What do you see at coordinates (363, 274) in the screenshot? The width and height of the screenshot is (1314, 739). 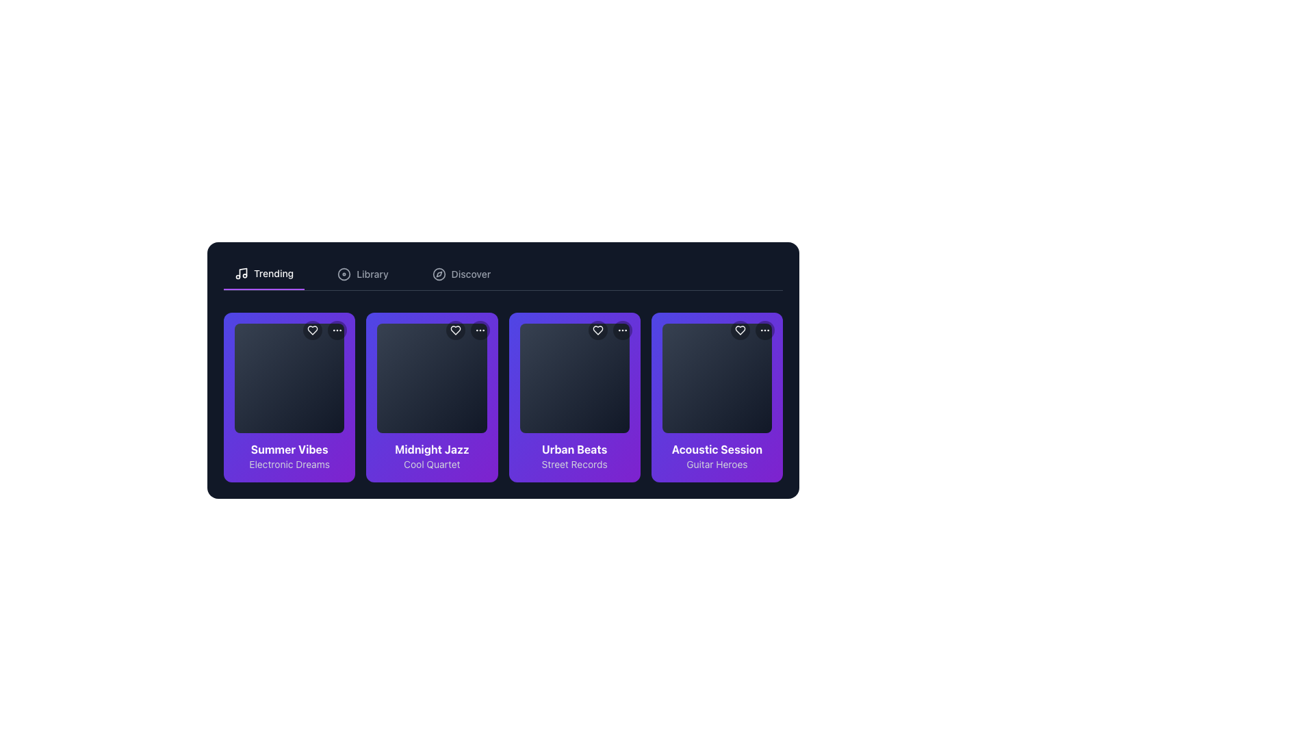 I see `the 'Library' tab in the navigation bar` at bounding box center [363, 274].